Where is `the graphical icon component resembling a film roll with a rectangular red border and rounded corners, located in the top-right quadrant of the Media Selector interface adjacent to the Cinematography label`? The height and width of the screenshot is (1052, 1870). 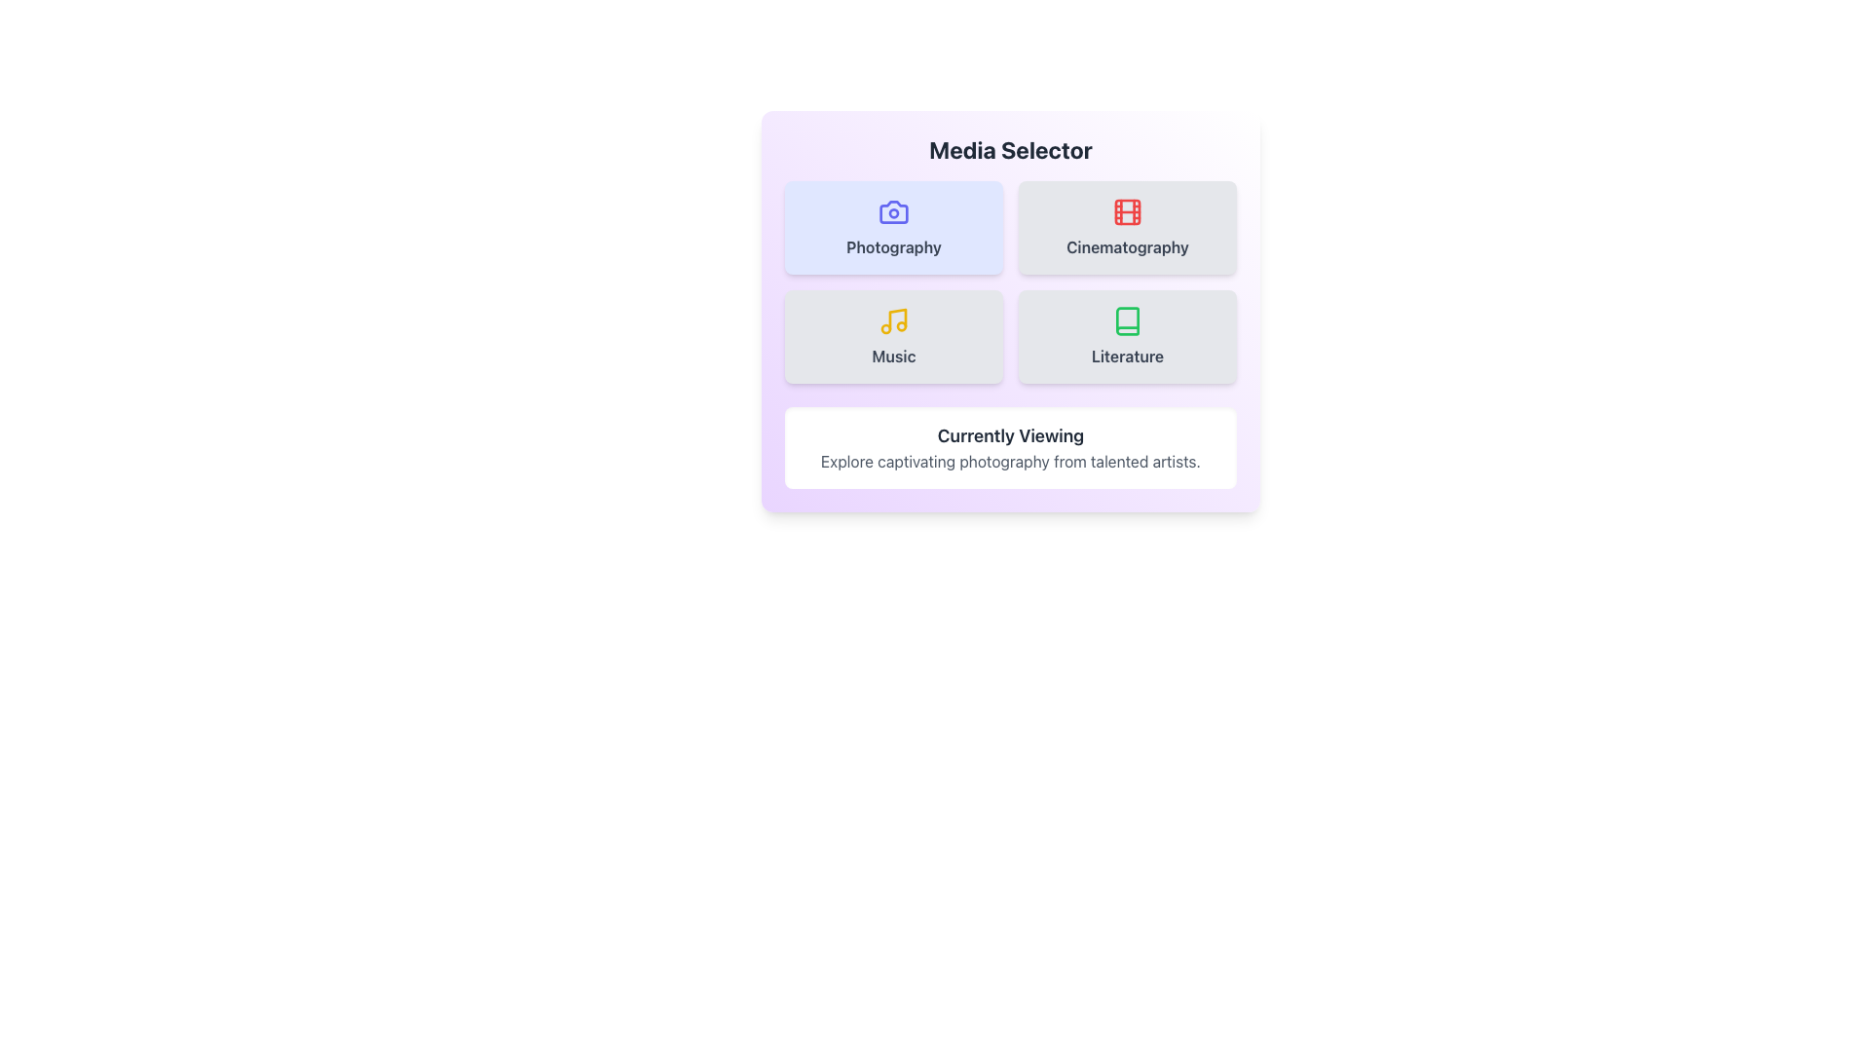 the graphical icon component resembling a film roll with a rectangular red border and rounded corners, located in the top-right quadrant of the Media Selector interface adjacent to the Cinematography label is located at coordinates (1127, 212).